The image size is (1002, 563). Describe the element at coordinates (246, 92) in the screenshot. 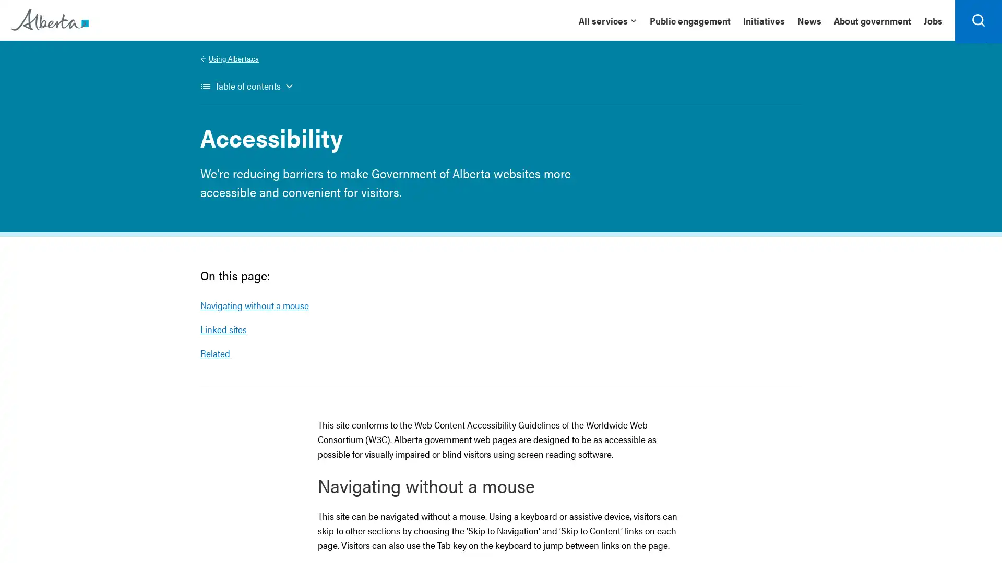

I see `Table of contents` at that location.